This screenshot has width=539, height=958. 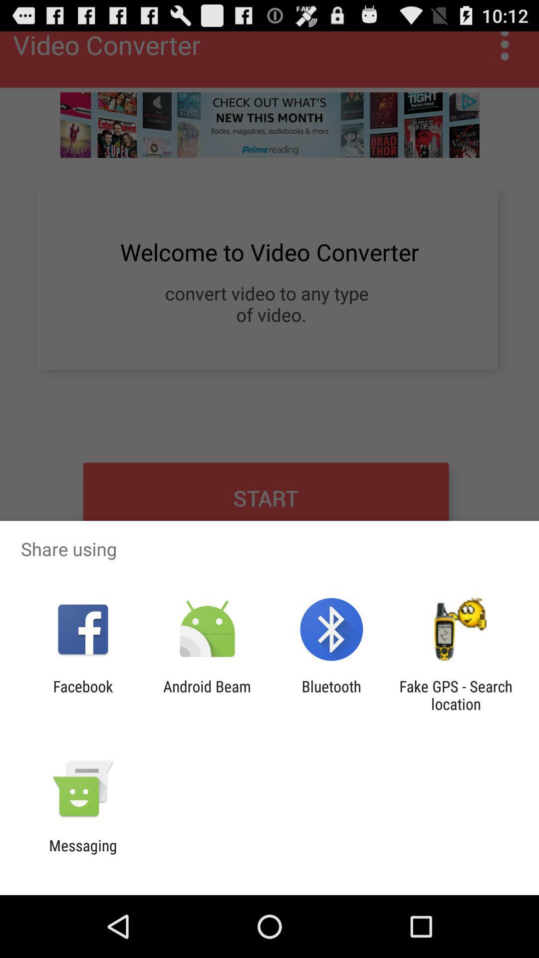 What do you see at coordinates (456, 695) in the screenshot?
I see `item to the right of the bluetooth item` at bounding box center [456, 695].